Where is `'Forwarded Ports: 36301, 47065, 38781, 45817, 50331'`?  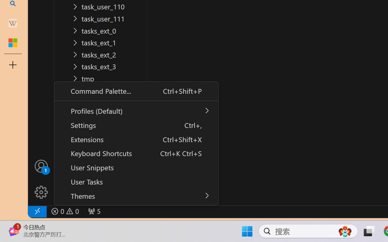 'Forwarded Ports: 36301, 47065, 38781, 45817, 50331' is located at coordinates (93, 211).